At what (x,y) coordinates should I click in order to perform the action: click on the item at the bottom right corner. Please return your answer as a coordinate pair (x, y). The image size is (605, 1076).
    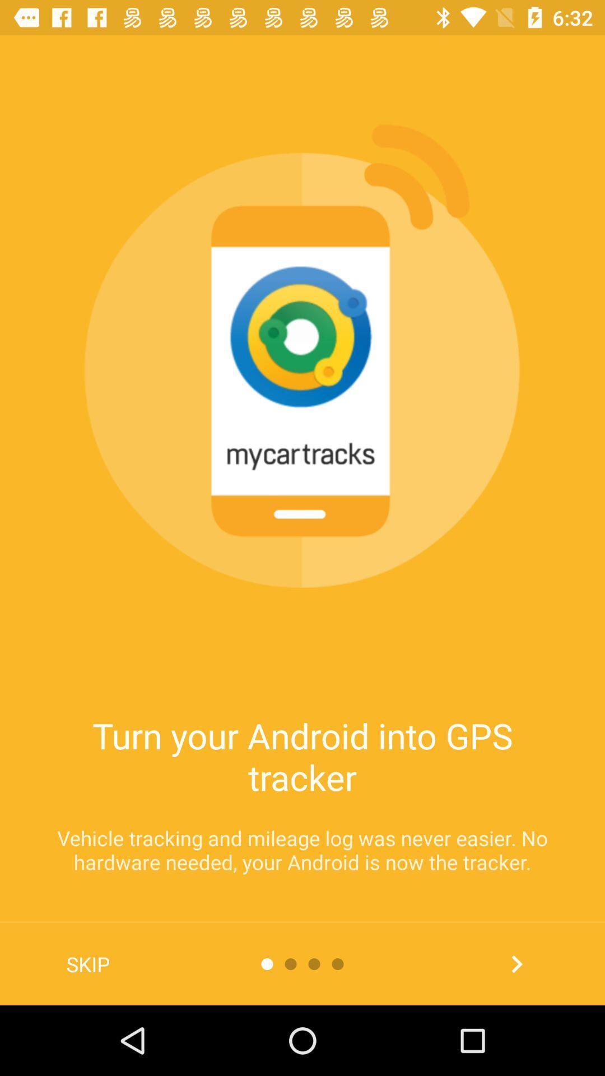
    Looking at the image, I should click on (516, 963).